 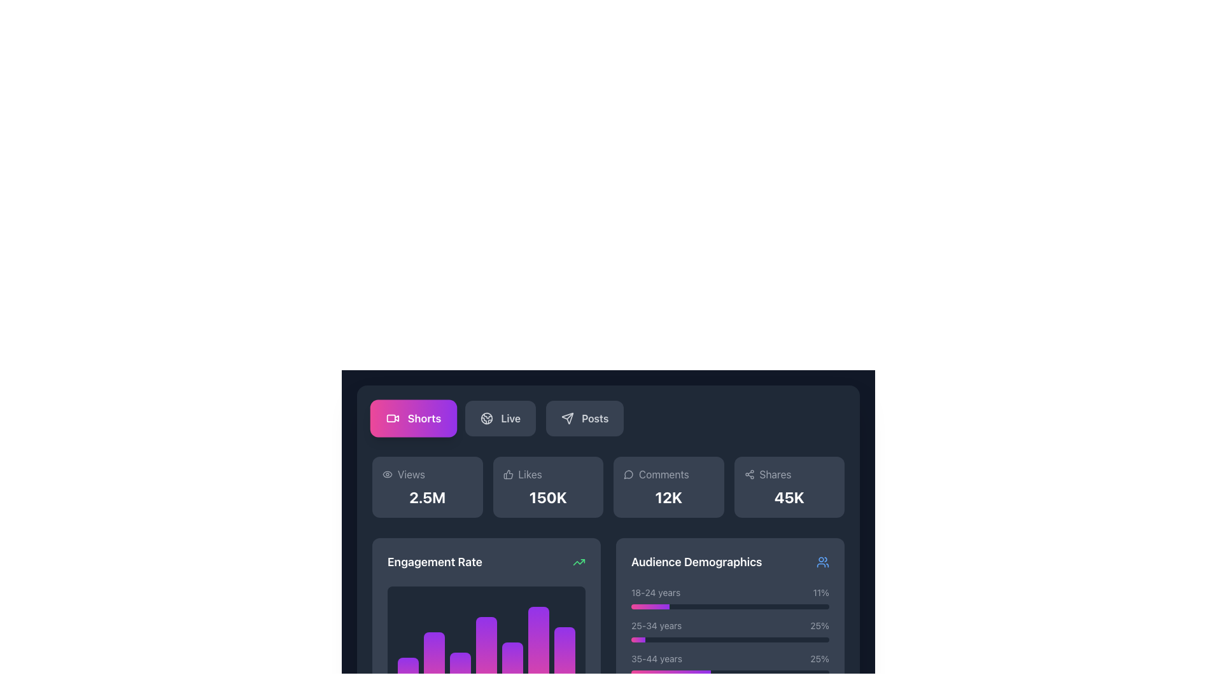 What do you see at coordinates (584, 419) in the screenshot?
I see `the button labeled 'Posts', which has a dark background with a paper airplane icon and lighter gray text` at bounding box center [584, 419].